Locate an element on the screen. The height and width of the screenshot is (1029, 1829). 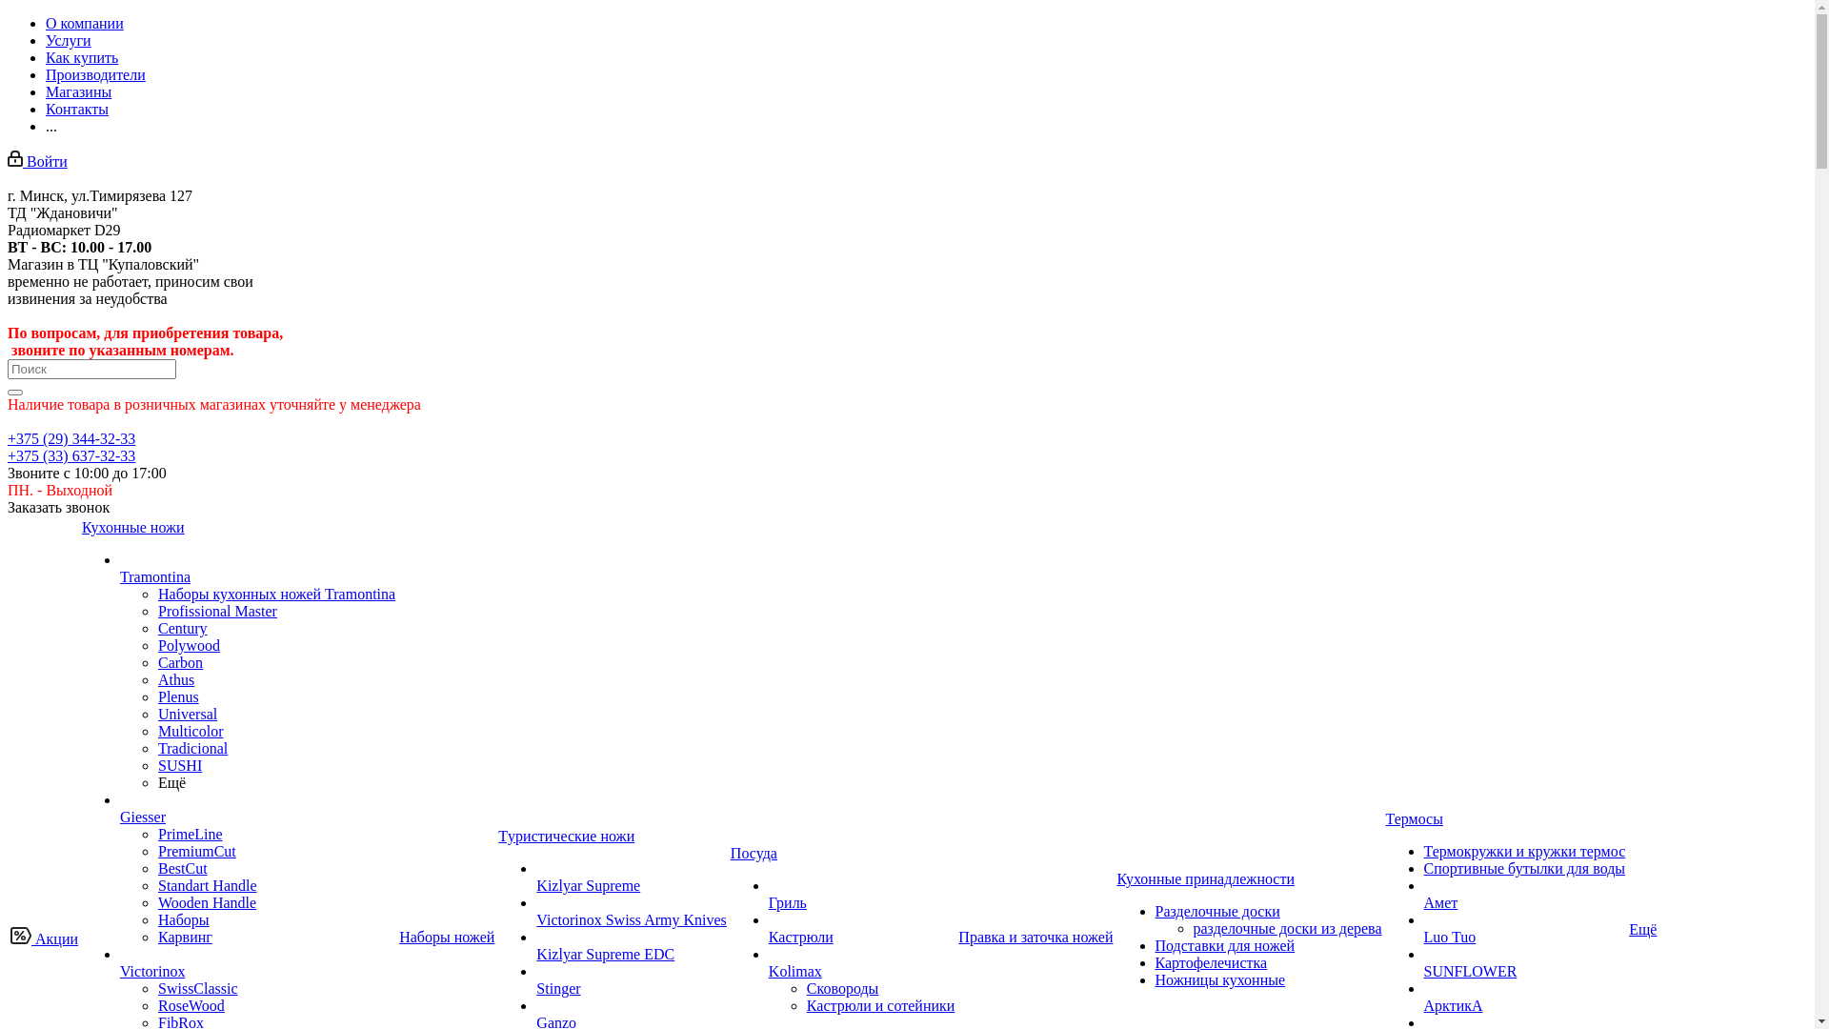
'+375 (29) 344-32-33' is located at coordinates (8, 438).